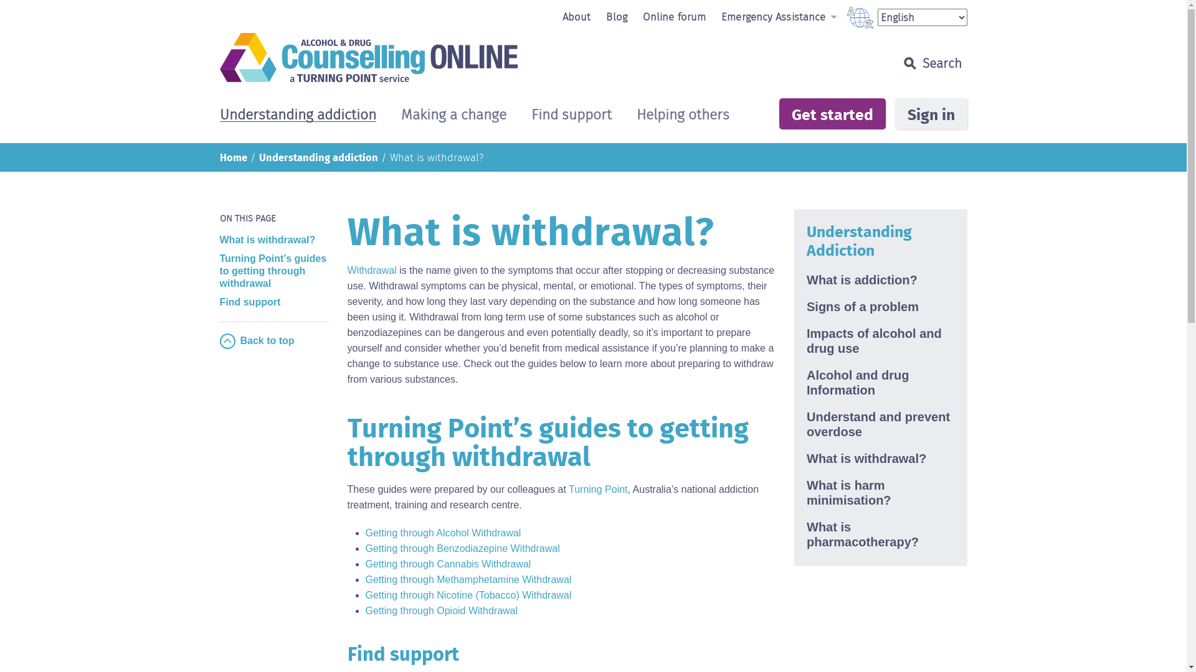  Describe the element at coordinates (219, 340) in the screenshot. I see `'Back to top'` at that location.